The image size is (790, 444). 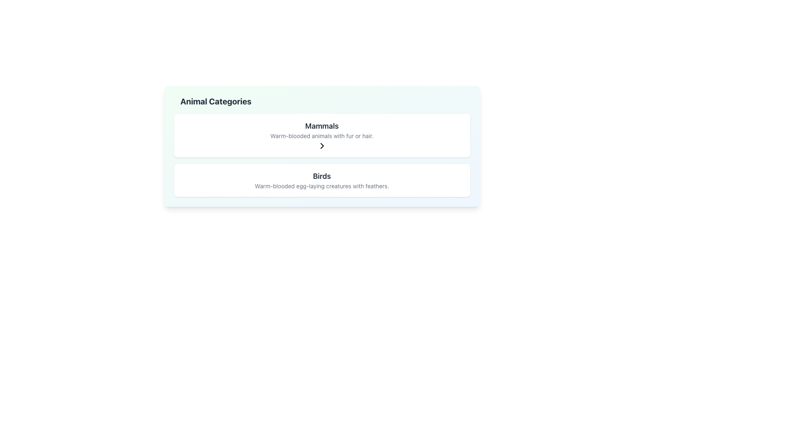 I want to click on the text 'Birds', so click(x=321, y=176).